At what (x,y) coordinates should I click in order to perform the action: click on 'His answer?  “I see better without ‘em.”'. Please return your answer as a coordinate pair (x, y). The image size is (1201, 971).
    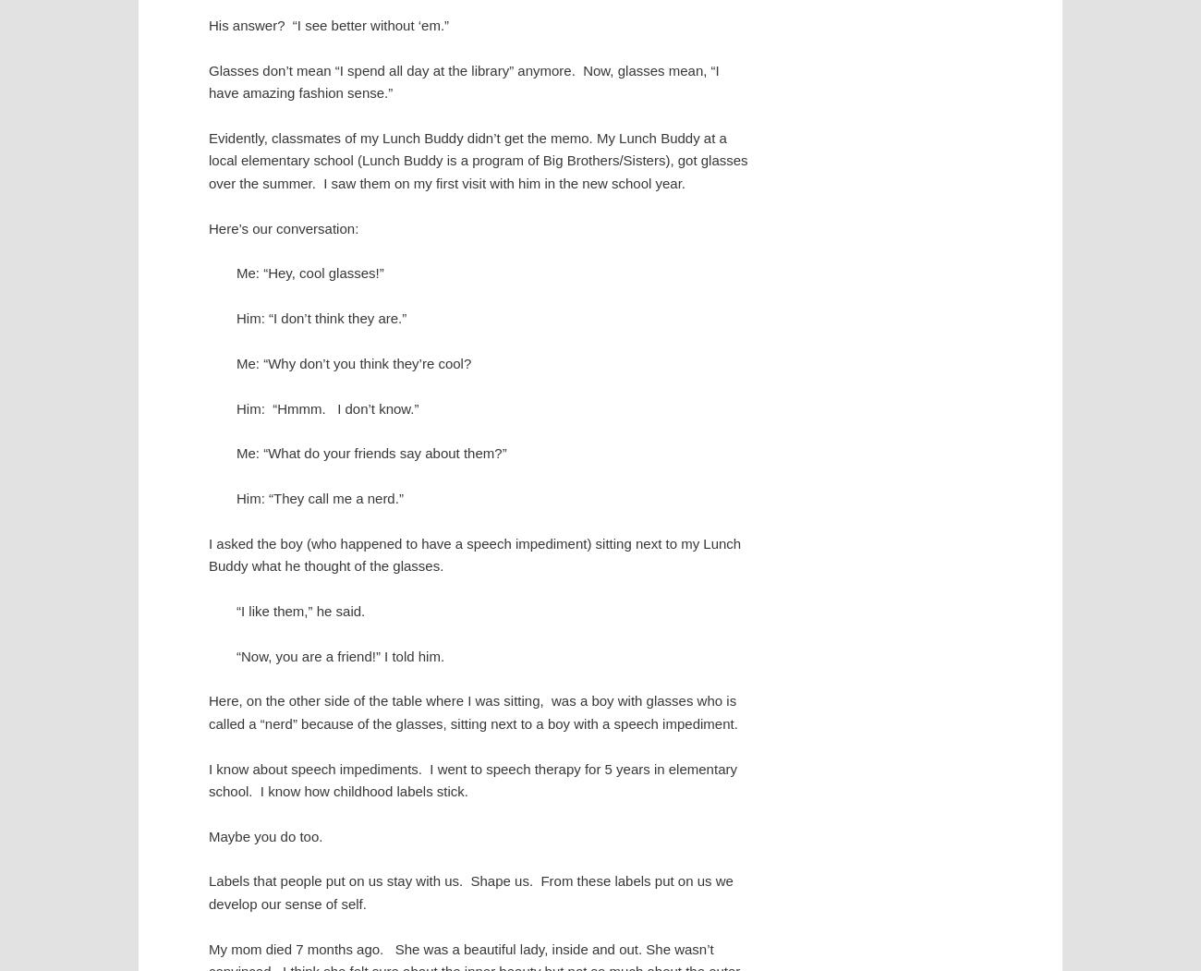
    Looking at the image, I should click on (327, 25).